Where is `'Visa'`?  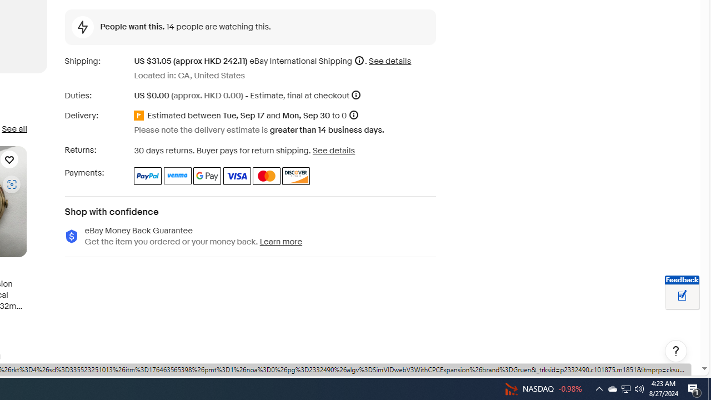
'Visa' is located at coordinates (236, 175).